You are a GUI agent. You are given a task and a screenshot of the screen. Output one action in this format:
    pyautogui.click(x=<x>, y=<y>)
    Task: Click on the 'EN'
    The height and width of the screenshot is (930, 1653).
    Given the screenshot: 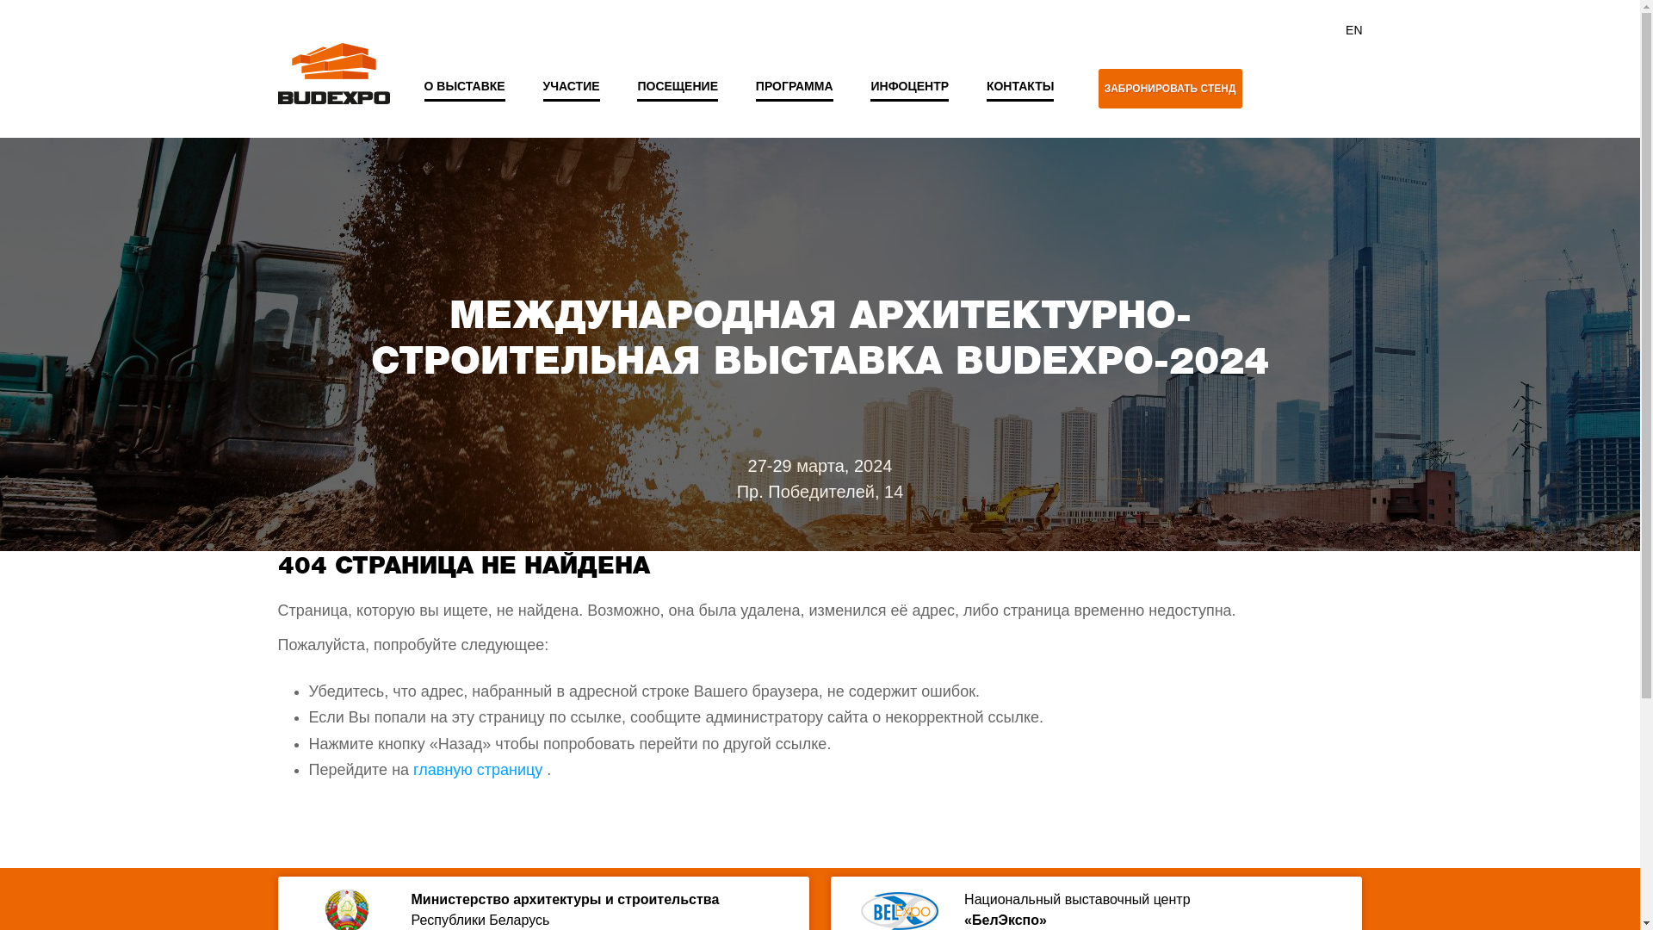 What is the action you would take?
    pyautogui.click(x=1353, y=29)
    